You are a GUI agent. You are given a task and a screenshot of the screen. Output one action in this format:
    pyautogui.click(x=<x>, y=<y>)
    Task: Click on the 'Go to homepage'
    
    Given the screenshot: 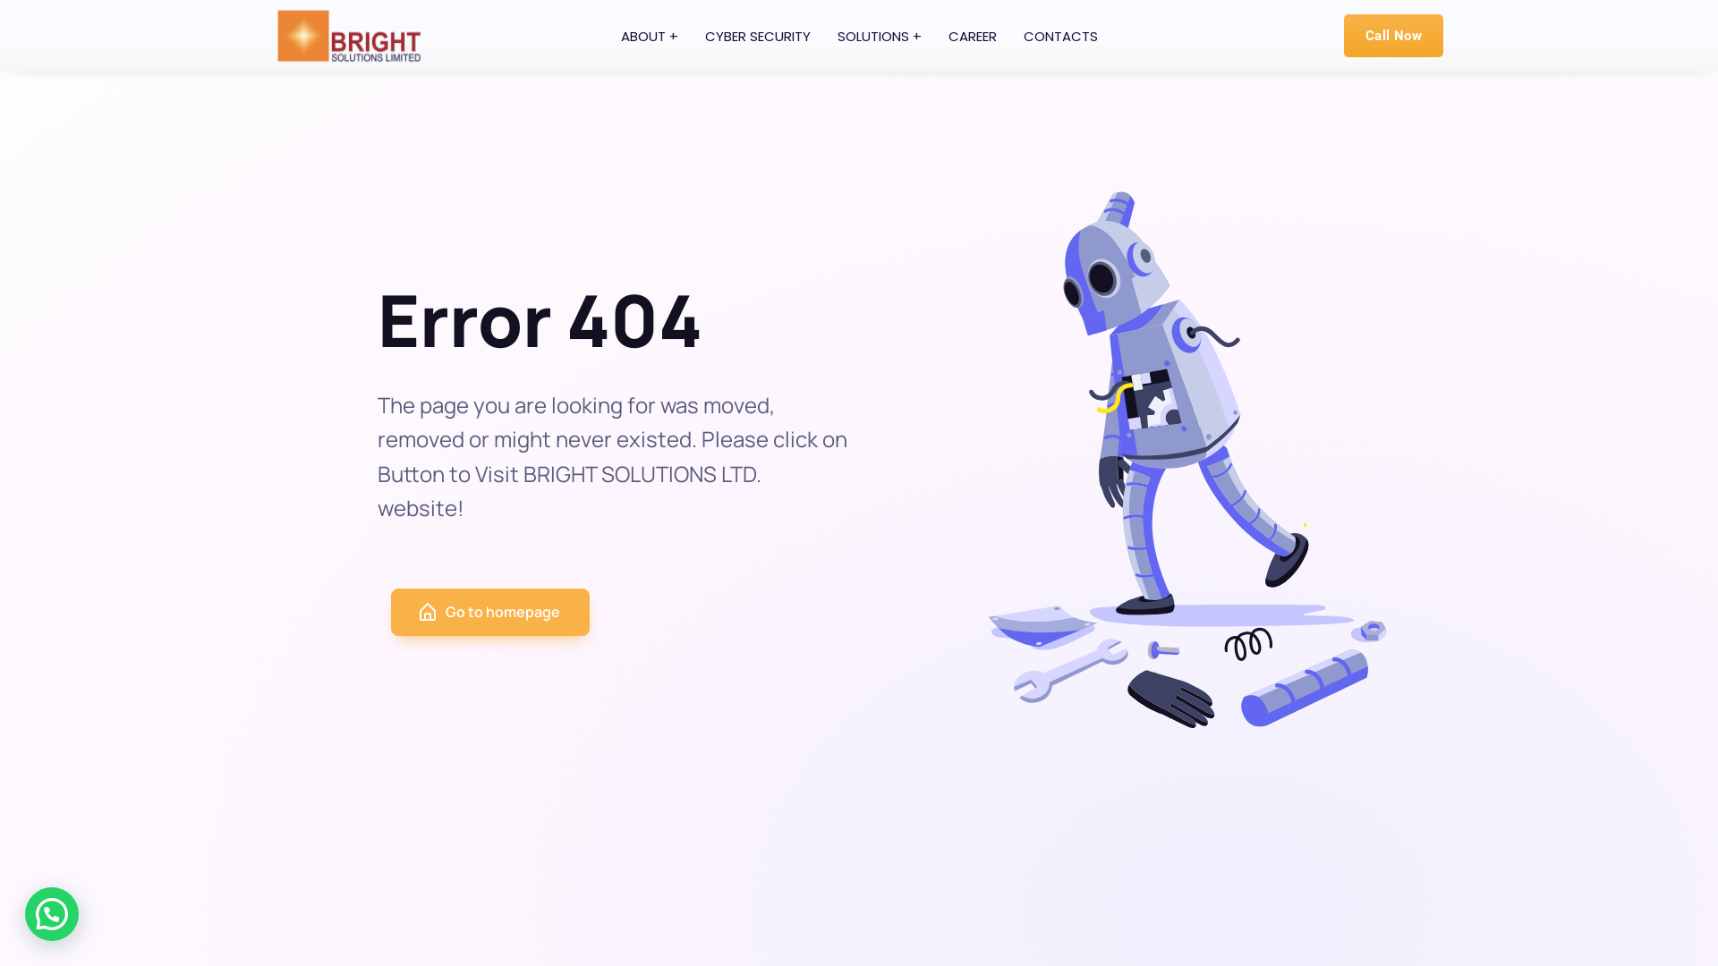 What is the action you would take?
    pyautogui.click(x=489, y=611)
    